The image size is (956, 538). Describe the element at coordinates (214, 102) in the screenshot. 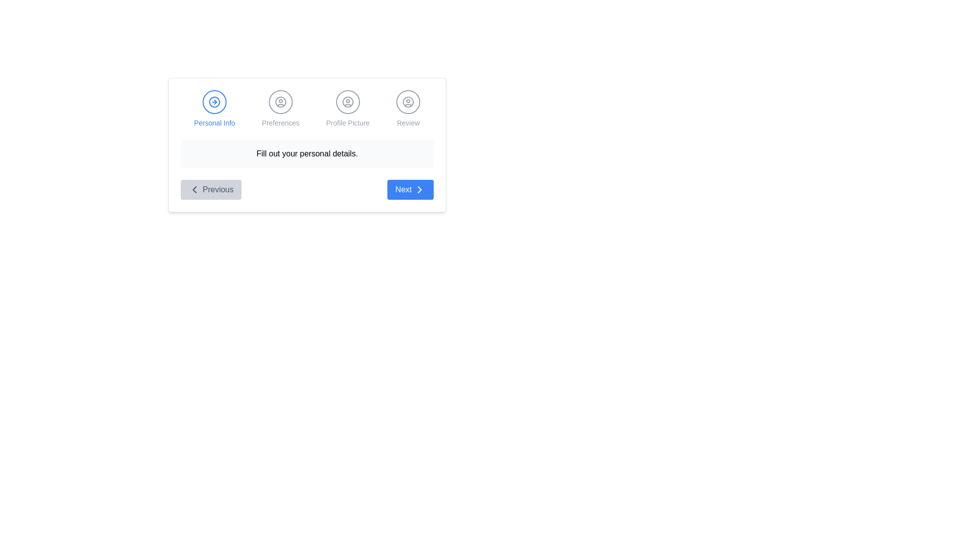

I see `the first circular button in the 'Personal Info' group, which serves as a step indicator in a multi-step process` at that location.